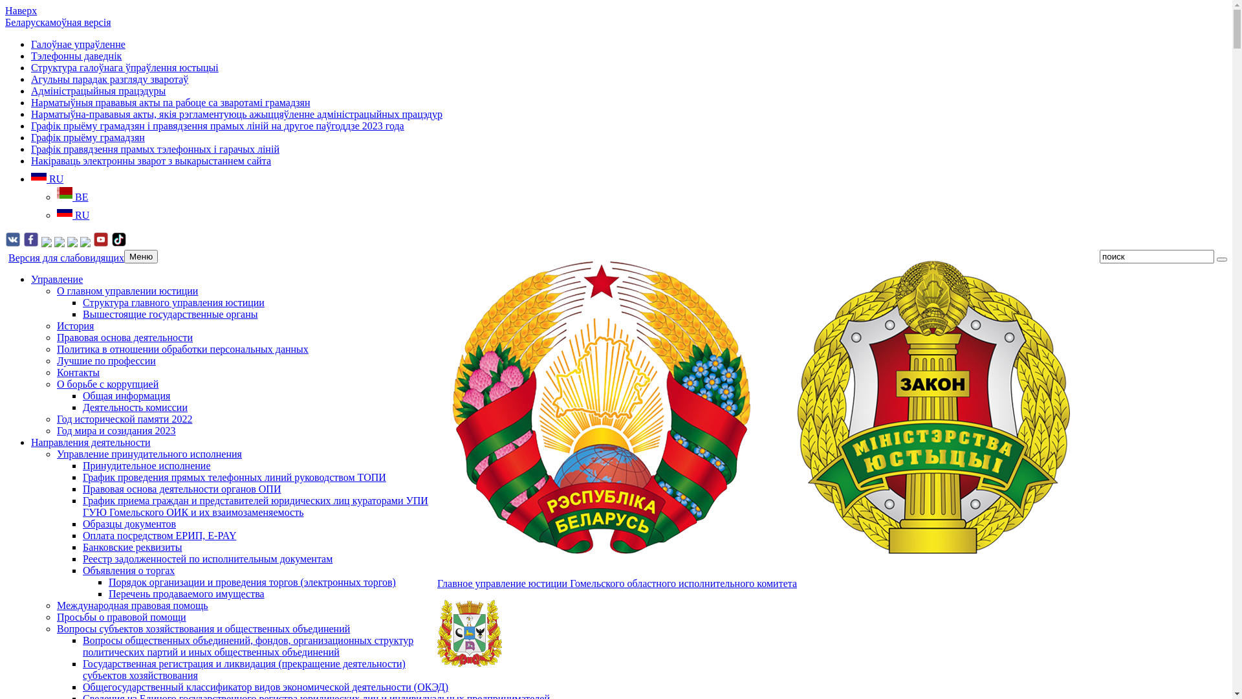 The height and width of the screenshot is (699, 1242). What do you see at coordinates (72, 214) in the screenshot?
I see `'RU'` at bounding box center [72, 214].